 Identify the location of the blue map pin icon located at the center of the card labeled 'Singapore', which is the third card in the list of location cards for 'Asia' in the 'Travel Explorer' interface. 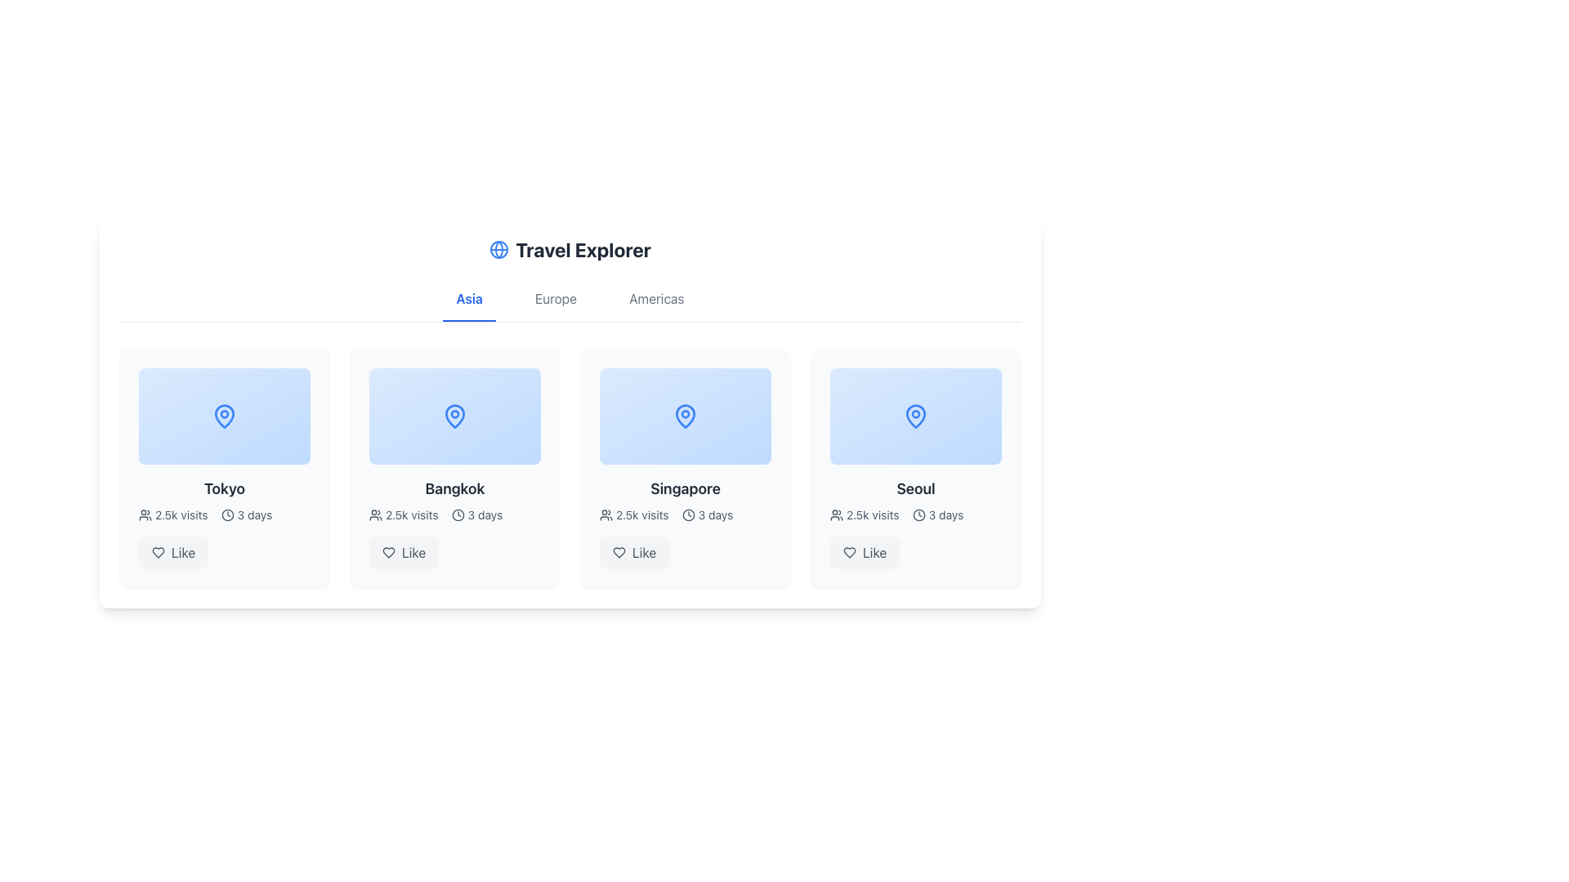
(686, 415).